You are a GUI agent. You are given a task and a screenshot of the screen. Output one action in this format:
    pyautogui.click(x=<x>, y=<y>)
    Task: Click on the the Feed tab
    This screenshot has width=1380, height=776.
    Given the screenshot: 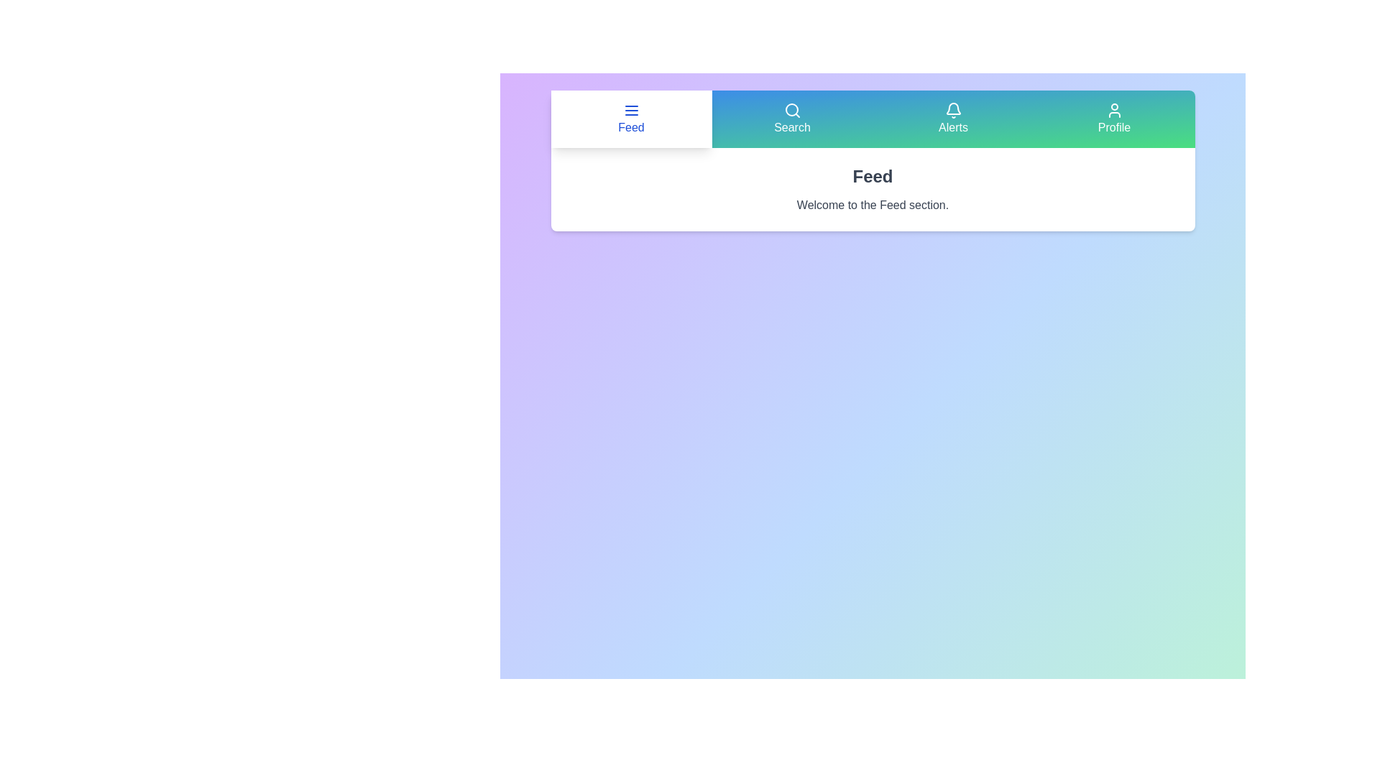 What is the action you would take?
    pyautogui.click(x=631, y=118)
    